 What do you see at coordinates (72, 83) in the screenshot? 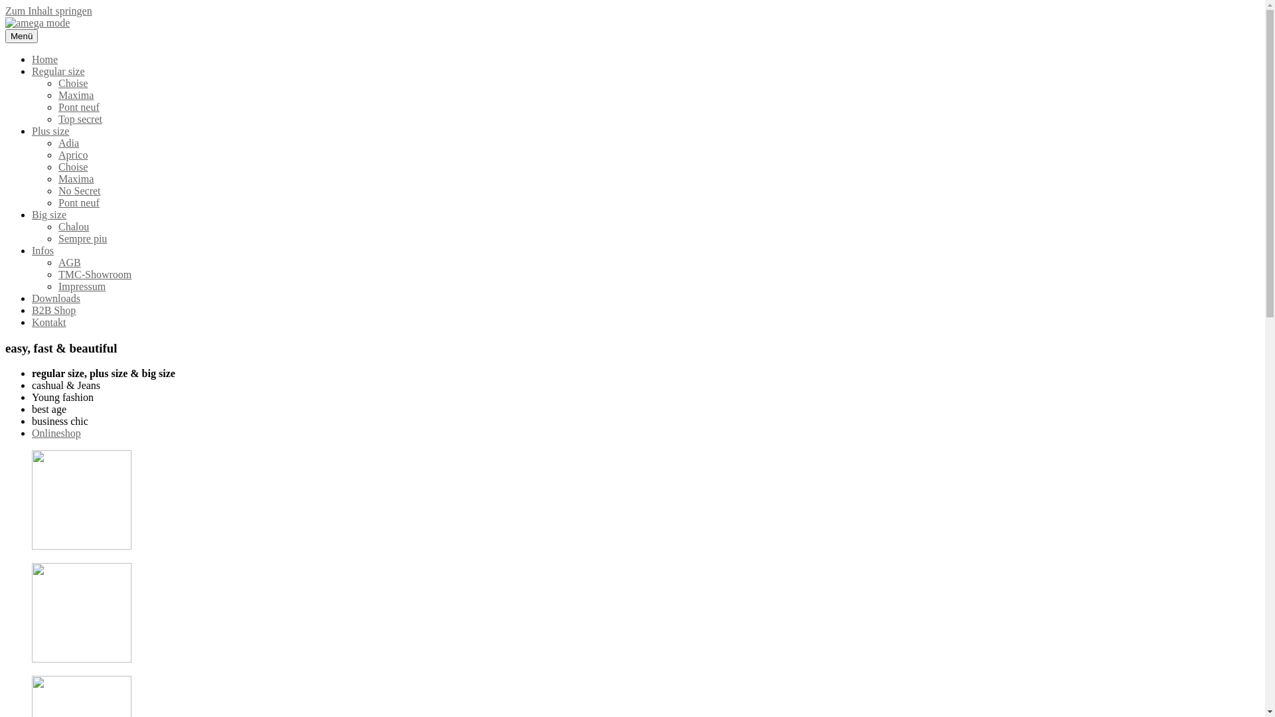
I see `'Choise'` at bounding box center [72, 83].